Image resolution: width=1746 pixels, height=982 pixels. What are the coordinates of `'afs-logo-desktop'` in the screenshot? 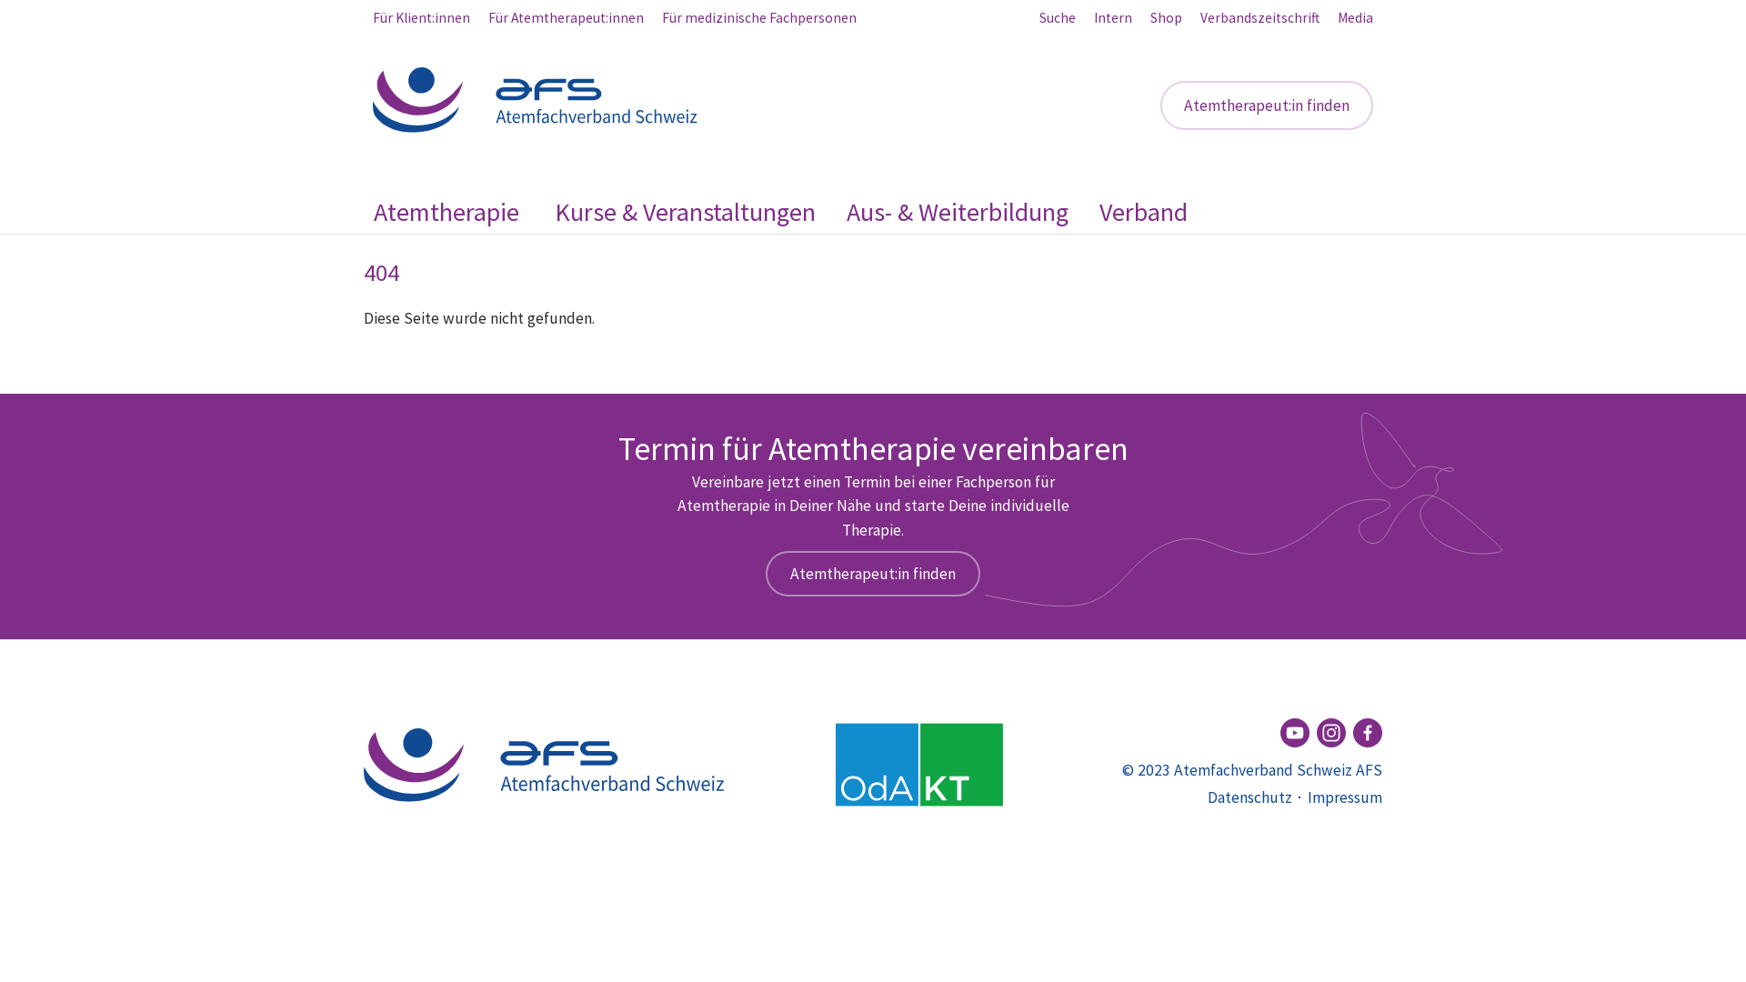 It's located at (545, 764).